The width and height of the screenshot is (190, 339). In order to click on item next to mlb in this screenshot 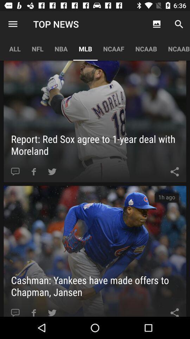, I will do `click(114, 48)`.